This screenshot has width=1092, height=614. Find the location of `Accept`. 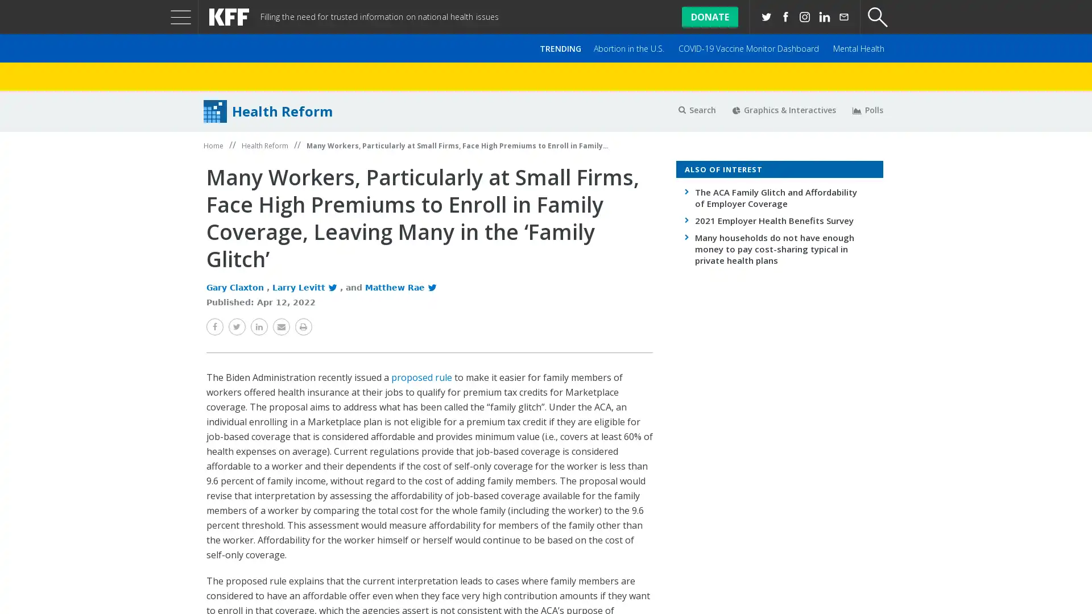

Accept is located at coordinates (753, 587).